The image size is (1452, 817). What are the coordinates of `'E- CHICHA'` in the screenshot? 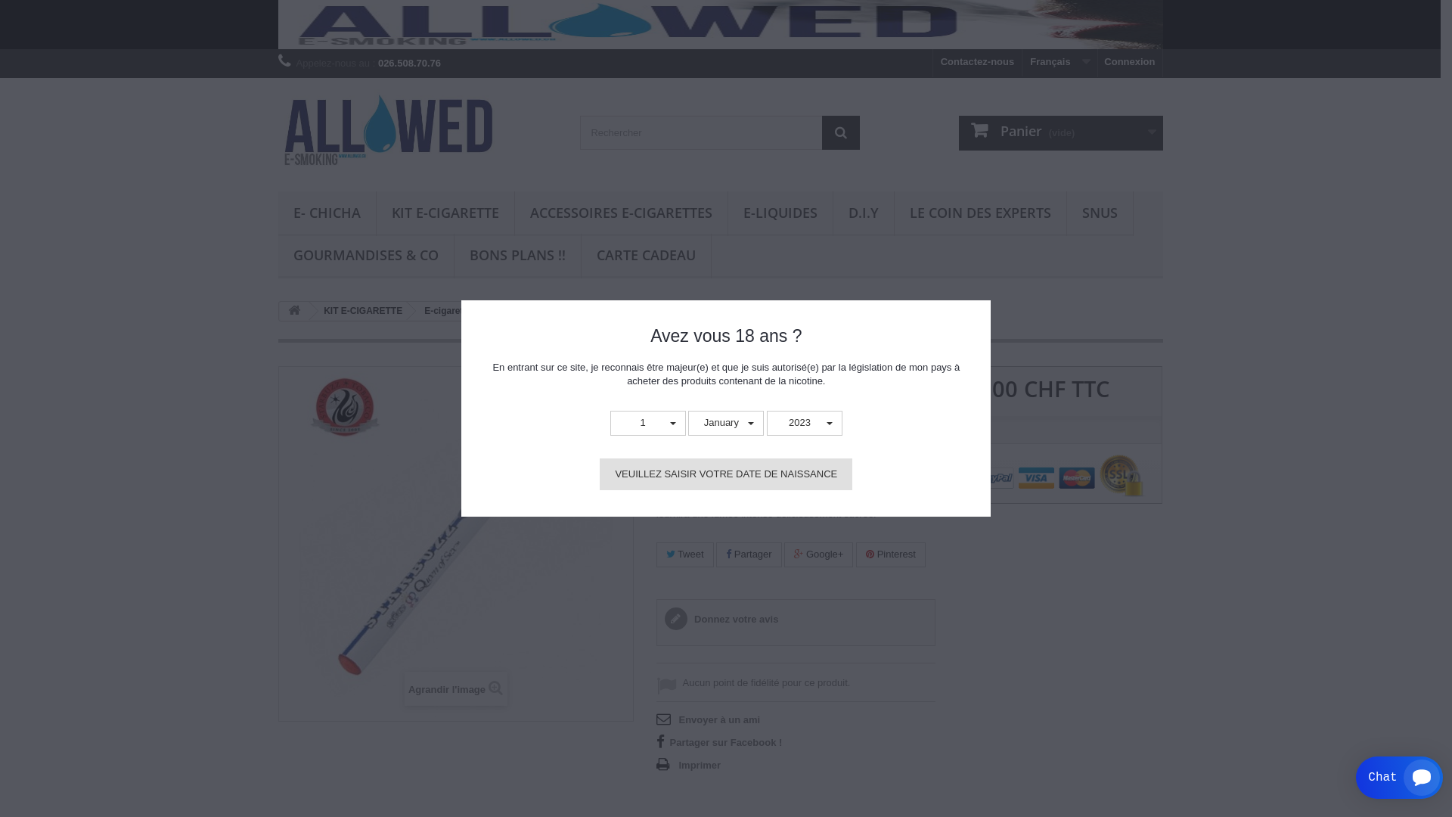 It's located at (326, 213).